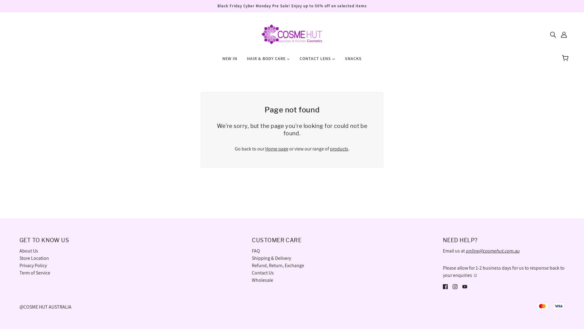 This screenshot has height=329, width=584. Describe the element at coordinates (277, 265) in the screenshot. I see `'Refund, Return, Exchange'` at that location.